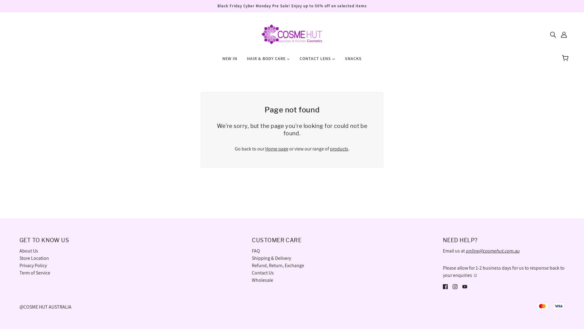 This screenshot has height=329, width=584. Describe the element at coordinates (277, 265) in the screenshot. I see `'Refund, Return, Exchange'` at that location.